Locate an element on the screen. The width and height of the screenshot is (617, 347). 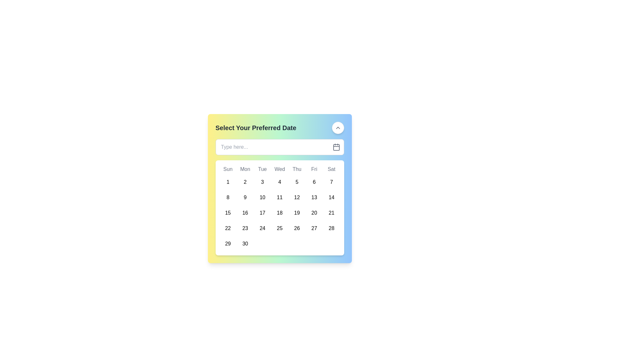
the circular button labeled '20' located under 'Fri' in the calendar grid for accessibility purposes is located at coordinates (314, 213).